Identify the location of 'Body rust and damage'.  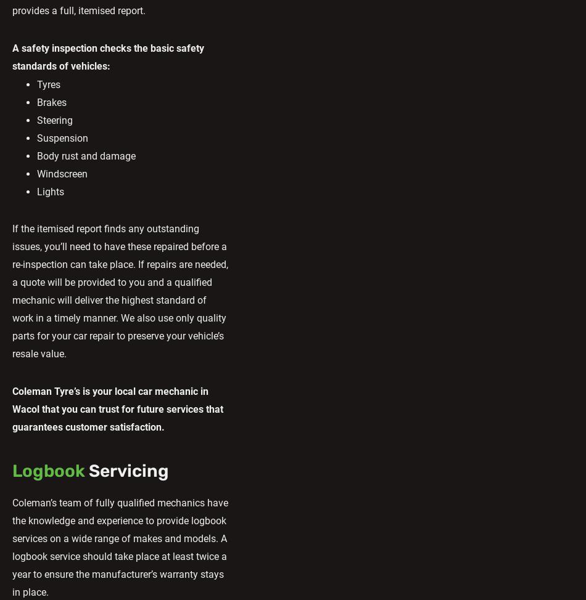
(86, 155).